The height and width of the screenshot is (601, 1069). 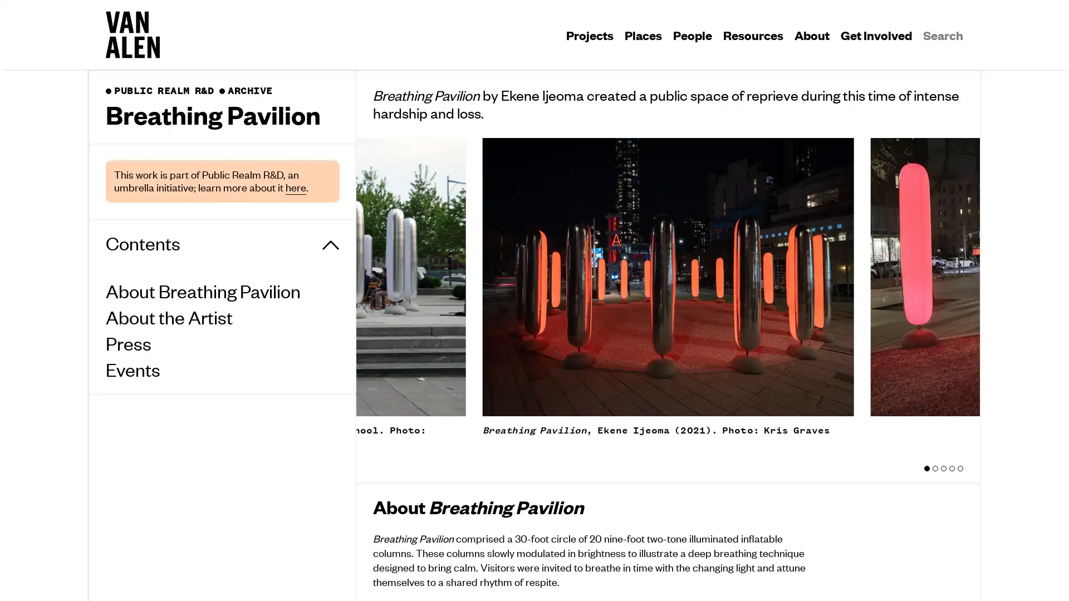 What do you see at coordinates (996, 301) in the screenshot?
I see `Next` at bounding box center [996, 301].